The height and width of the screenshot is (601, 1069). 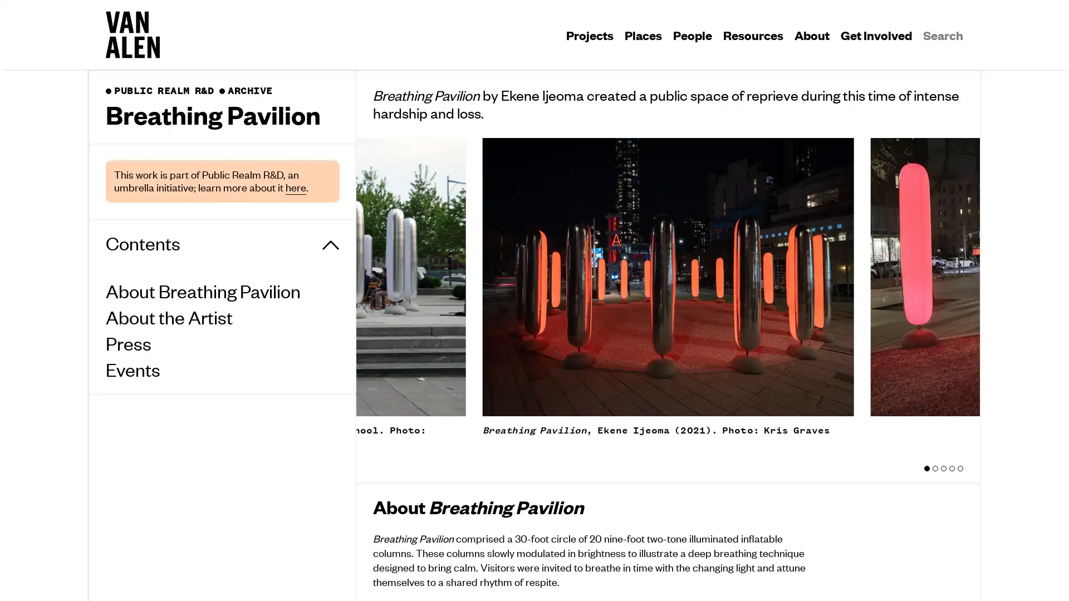 What do you see at coordinates (996, 301) in the screenshot?
I see `Next` at bounding box center [996, 301].